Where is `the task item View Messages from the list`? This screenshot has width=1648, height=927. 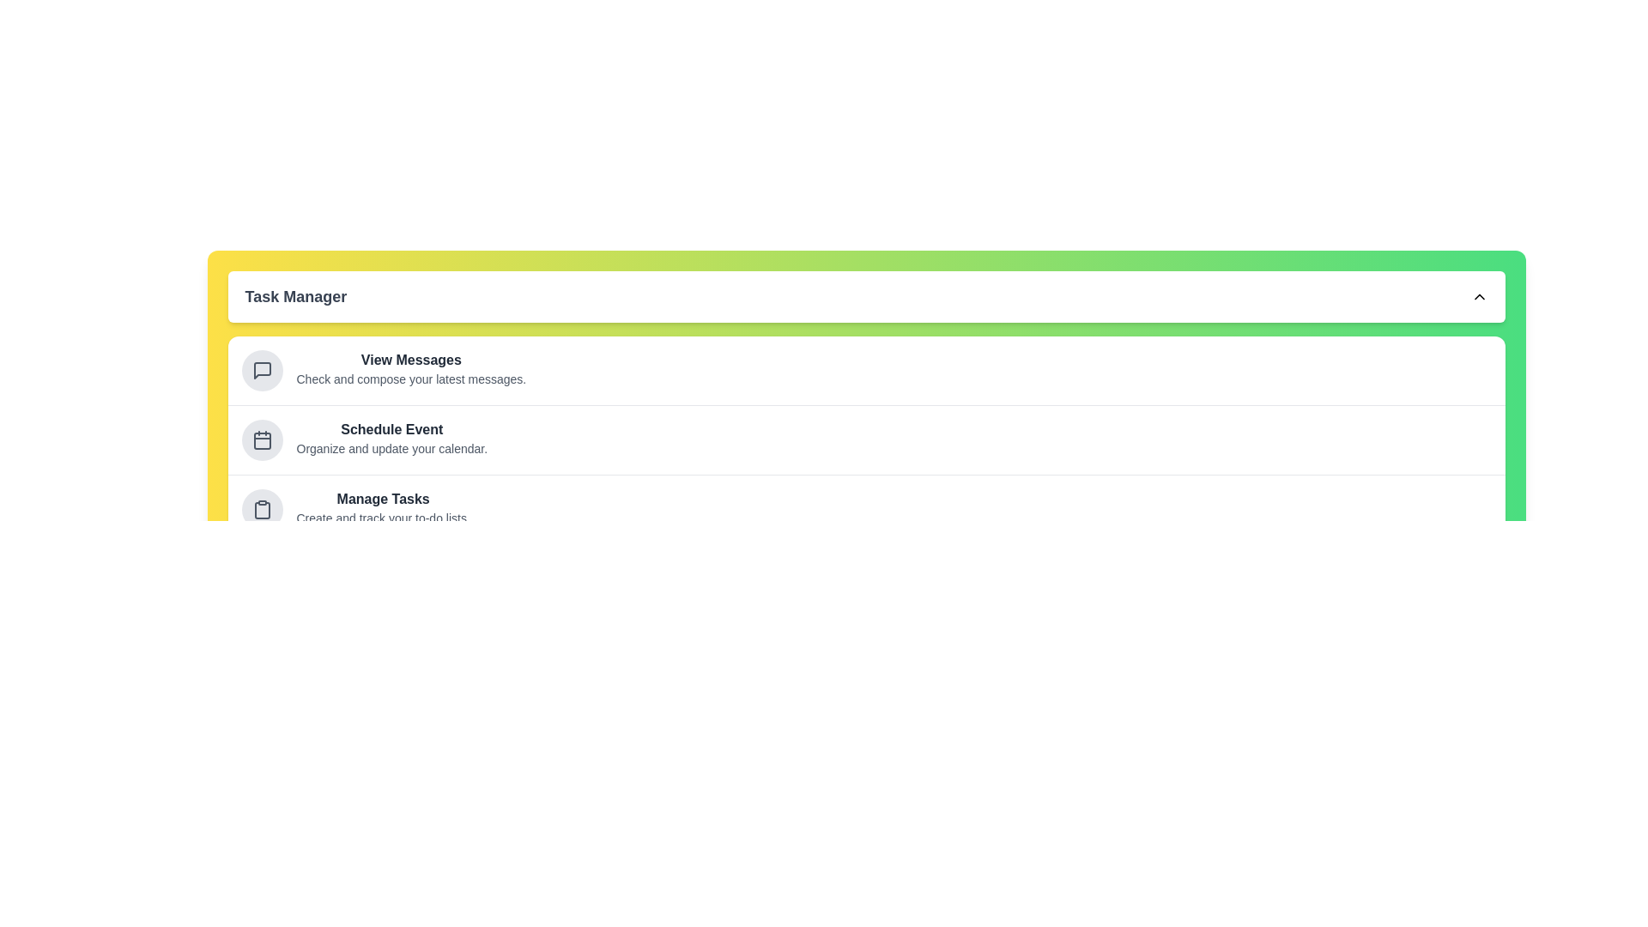
the task item View Messages from the list is located at coordinates (261, 370).